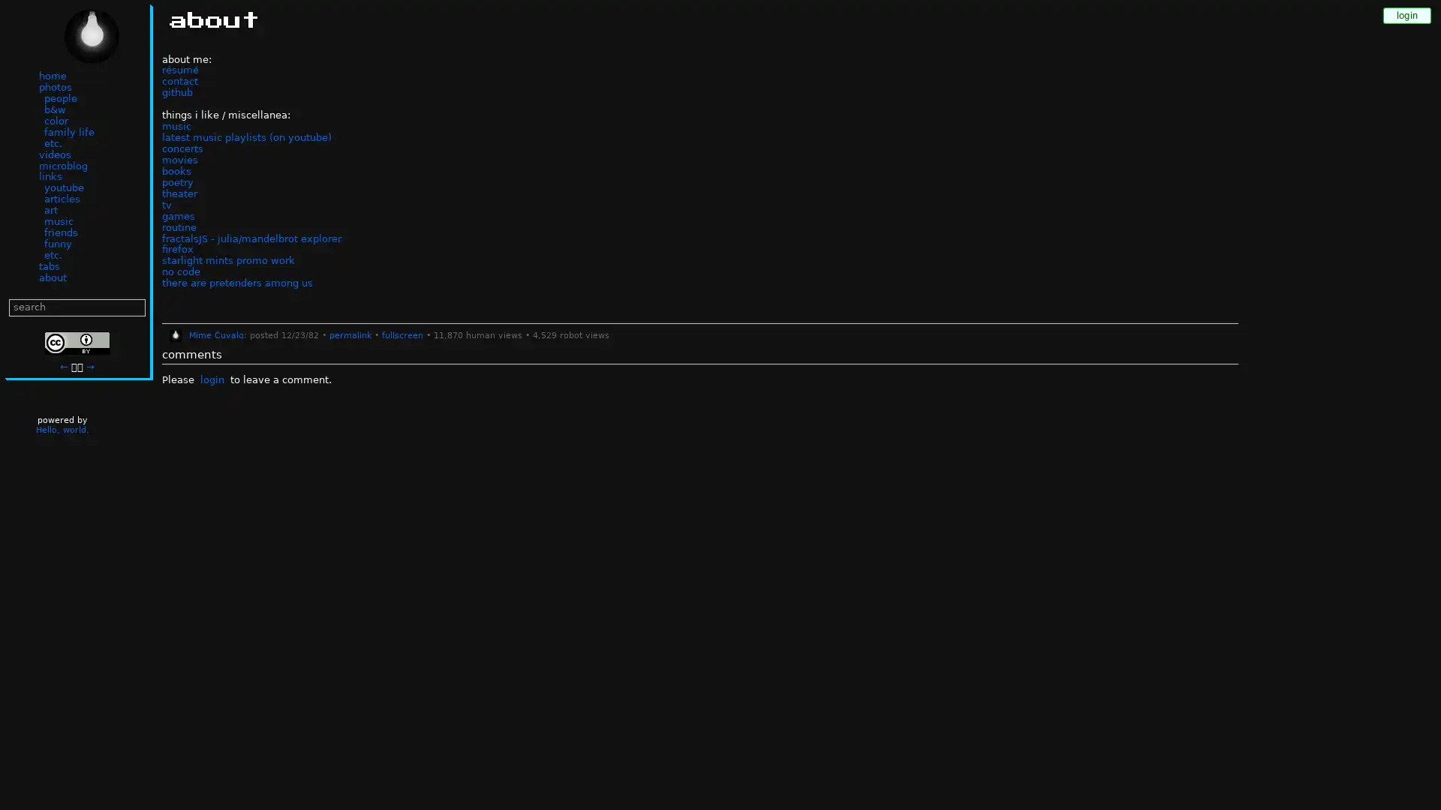 This screenshot has height=810, width=1441. What do you see at coordinates (402, 334) in the screenshot?
I see `fullscreen` at bounding box center [402, 334].